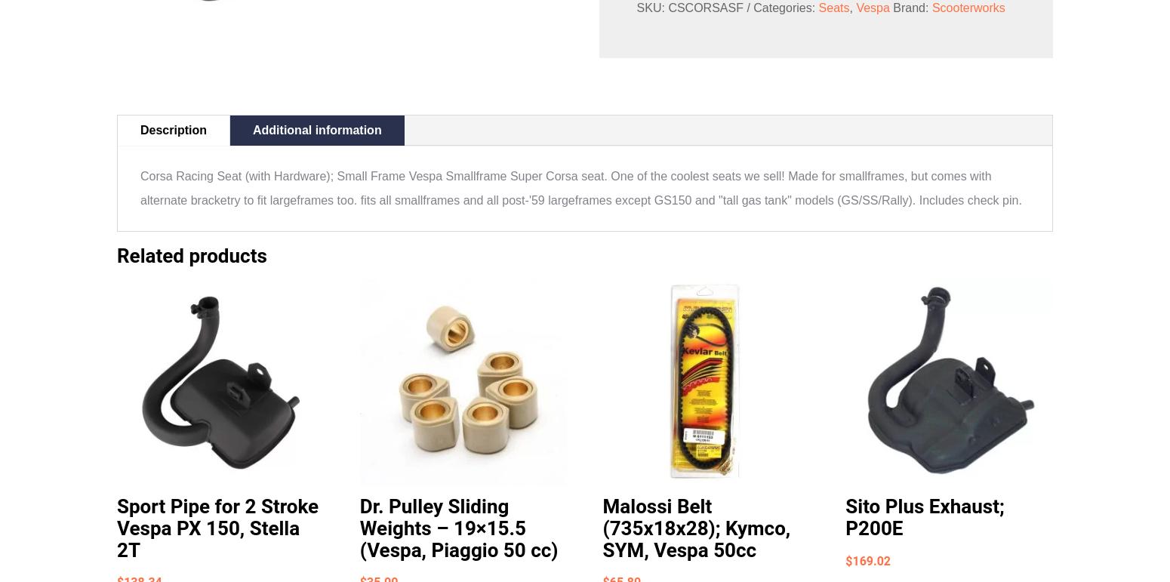 This screenshot has height=582, width=1170. Describe the element at coordinates (833, 7) in the screenshot. I see `'Seats'` at that location.